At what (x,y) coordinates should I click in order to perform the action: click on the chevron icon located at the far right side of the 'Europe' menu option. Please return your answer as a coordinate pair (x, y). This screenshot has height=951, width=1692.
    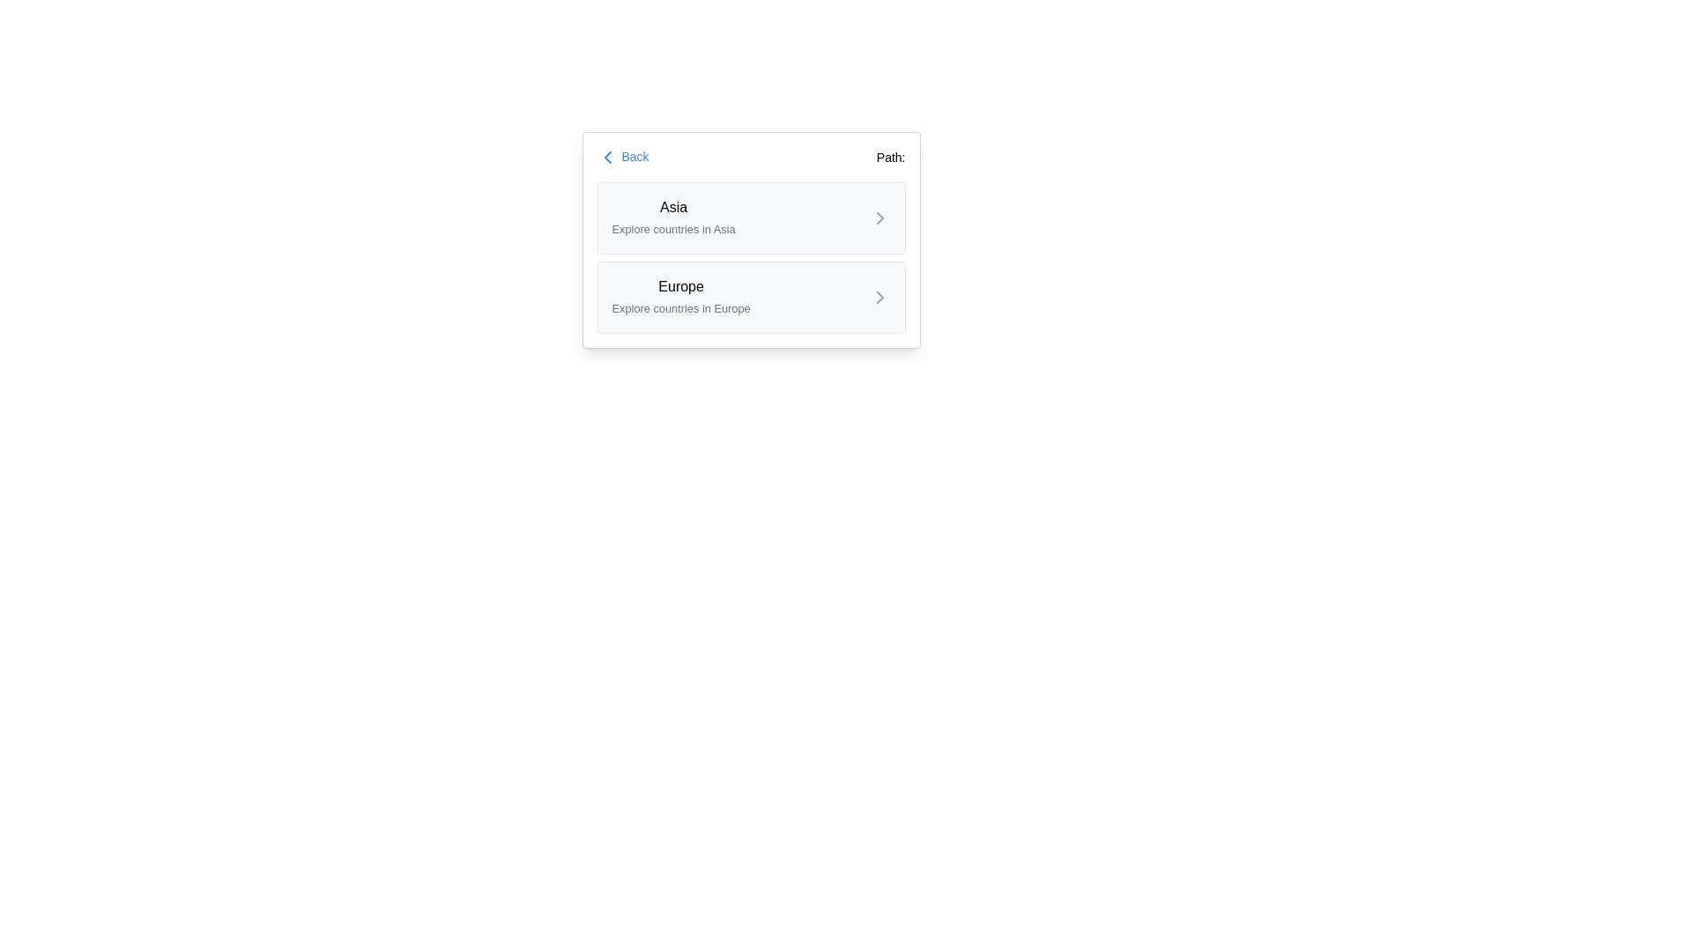
    Looking at the image, I should click on (879, 297).